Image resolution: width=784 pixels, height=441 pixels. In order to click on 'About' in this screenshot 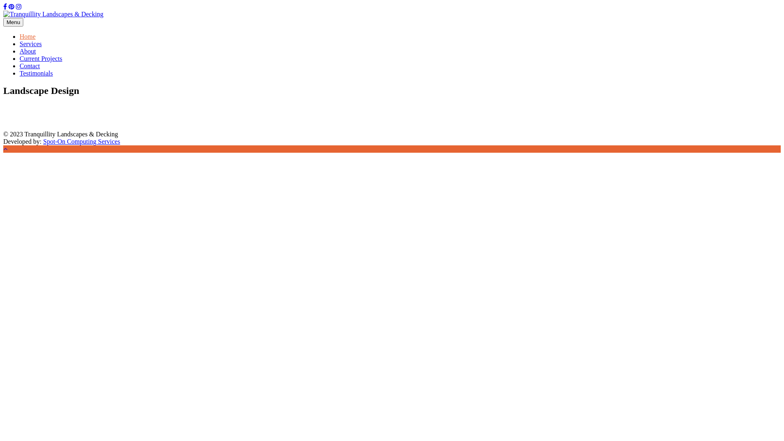, I will do `click(20, 51)`.